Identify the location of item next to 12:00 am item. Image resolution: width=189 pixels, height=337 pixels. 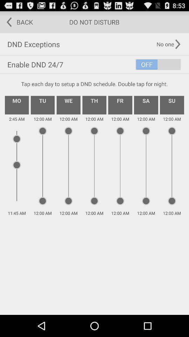
(120, 105).